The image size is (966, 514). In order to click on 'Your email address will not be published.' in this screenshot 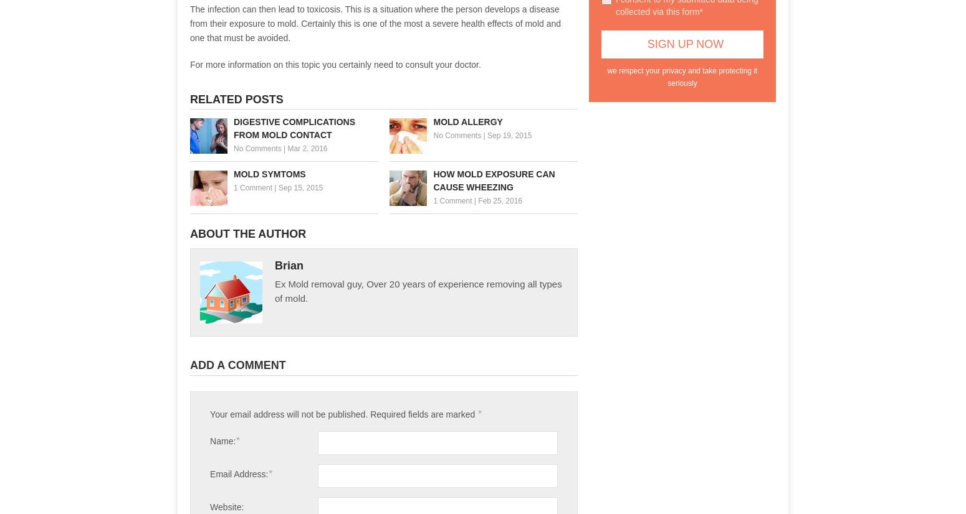, I will do `click(209, 414)`.